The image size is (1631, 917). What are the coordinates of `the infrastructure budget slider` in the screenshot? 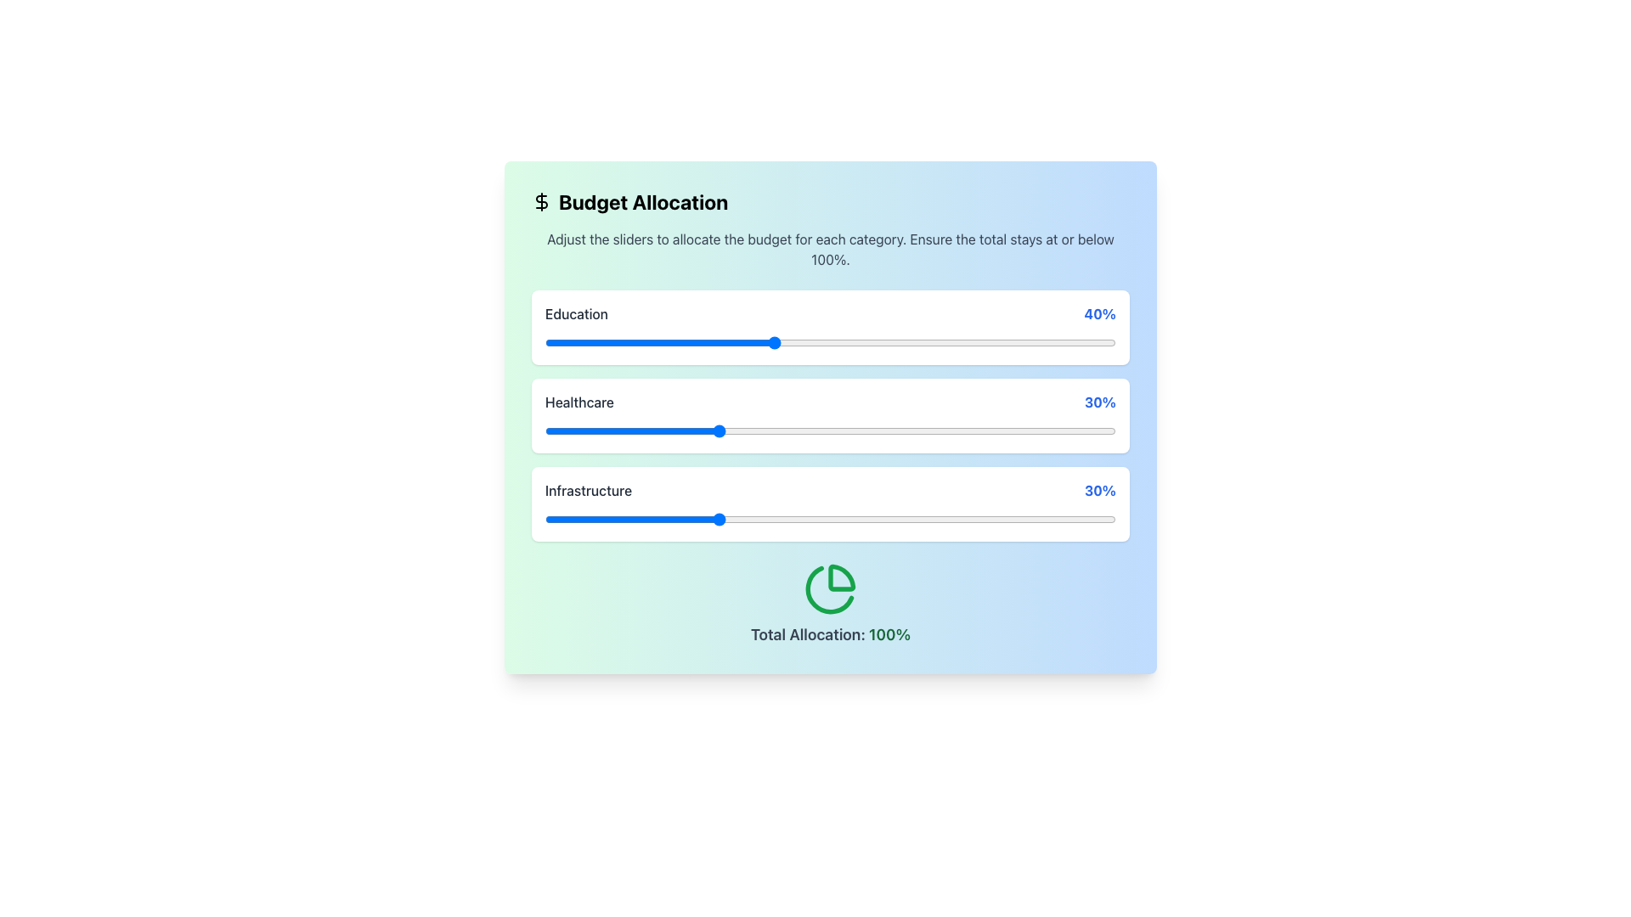 It's located at (562, 519).